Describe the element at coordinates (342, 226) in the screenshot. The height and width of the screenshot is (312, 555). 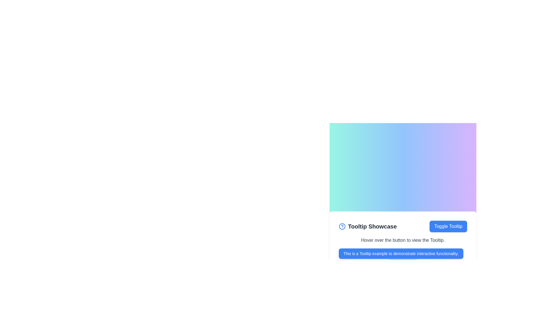
I see `the help icon located to the left of the 'Tooltip Showcase' text in the header section` at that location.